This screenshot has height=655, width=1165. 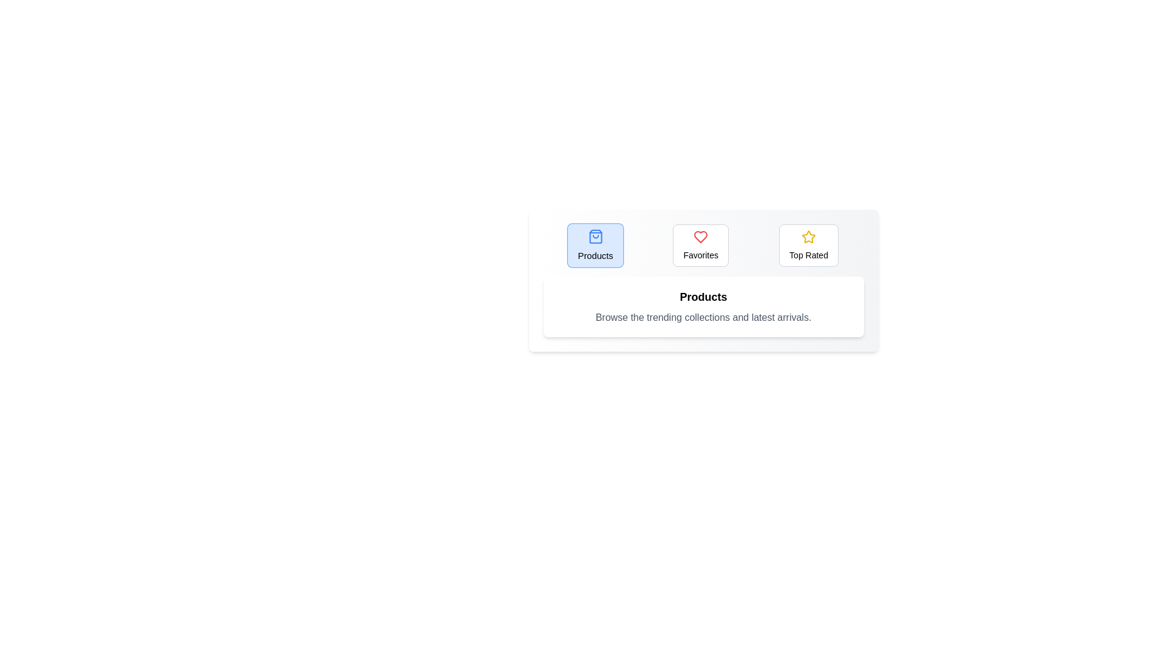 What do you see at coordinates (595, 246) in the screenshot?
I see `the Products tab` at bounding box center [595, 246].